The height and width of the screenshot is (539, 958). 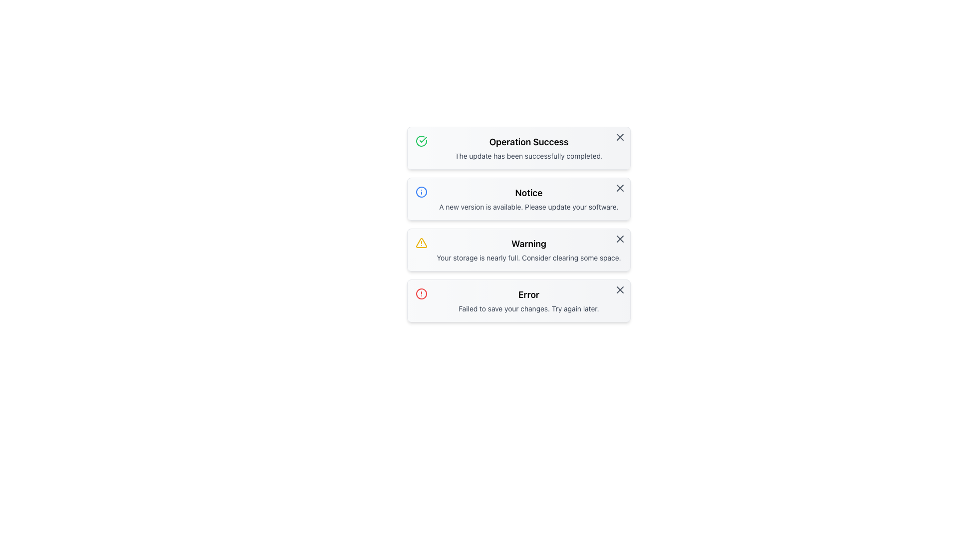 I want to click on the 'X' icon button located at the top-right corner of the 'Error' card, so click(x=620, y=290).